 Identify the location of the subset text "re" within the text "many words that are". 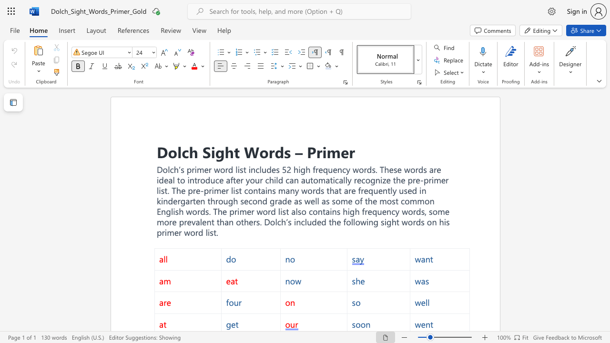
(347, 191).